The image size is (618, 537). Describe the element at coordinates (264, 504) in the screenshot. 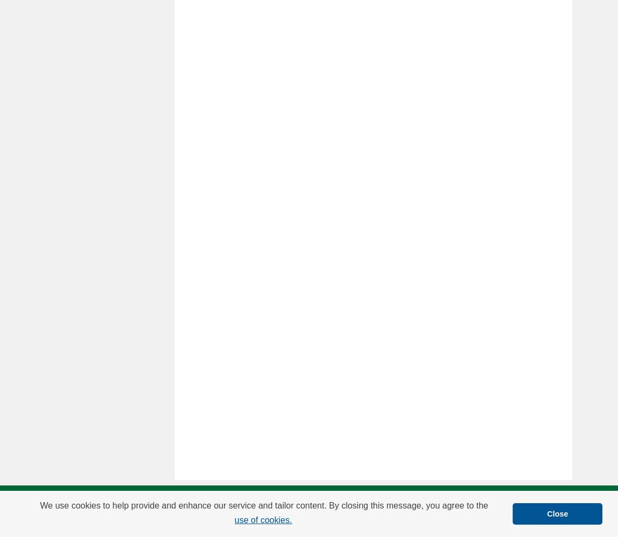

I see `'We use cookies to help provide and enhance our service and tailor content. By closing this message, you agree to the'` at that location.